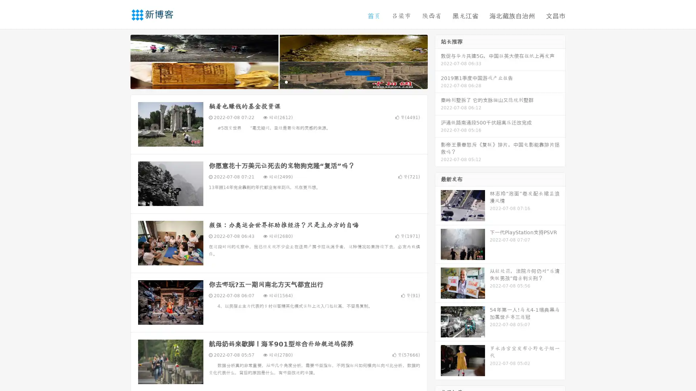 This screenshot has width=696, height=391. I want to click on Previous slide, so click(120, 61).